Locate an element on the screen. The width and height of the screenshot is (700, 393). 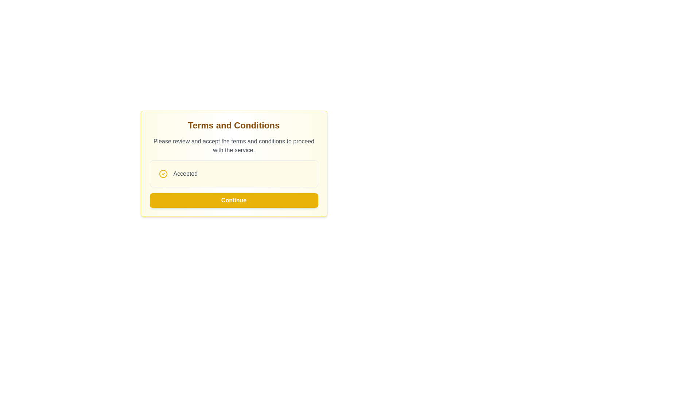
the status message text label that indicates acceptance, positioned to the right of a circular icon and above the yellow 'Continue' button is located at coordinates (185, 174).